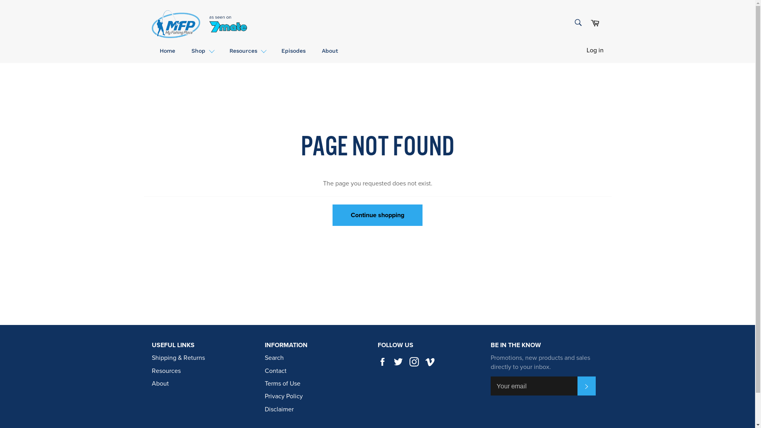 This screenshot has width=761, height=428. What do you see at coordinates (283, 383) in the screenshot?
I see `'Terms of Use'` at bounding box center [283, 383].